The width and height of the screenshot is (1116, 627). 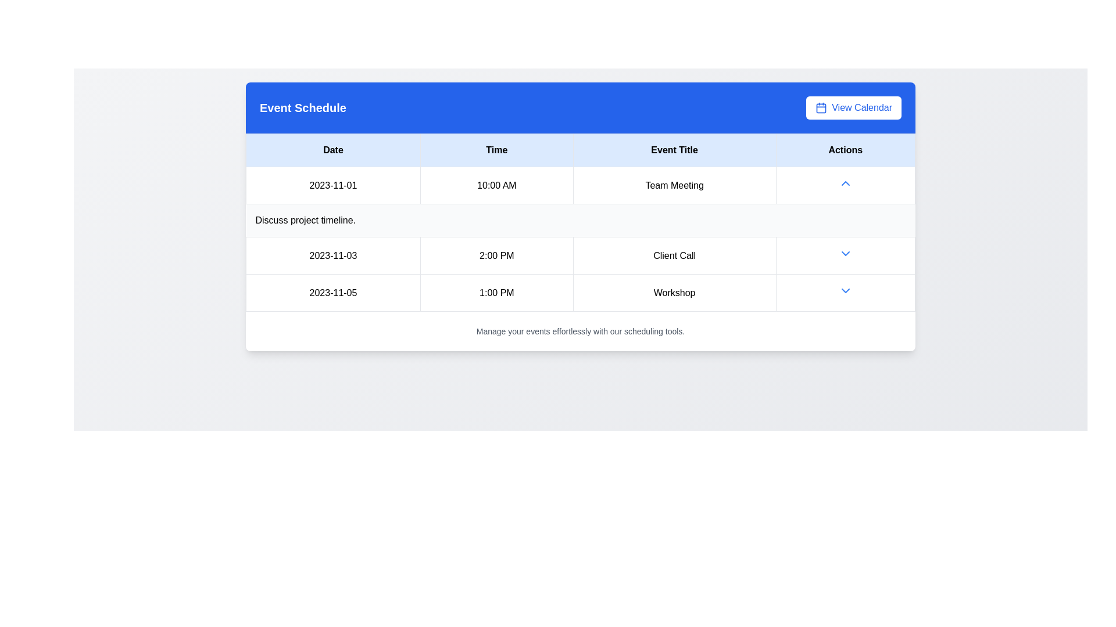 What do you see at coordinates (821, 108) in the screenshot?
I see `the SVG Rectangle representing the main body of the calendar icon next to the 'View Calendar' button in the top-right corner of the header` at bounding box center [821, 108].